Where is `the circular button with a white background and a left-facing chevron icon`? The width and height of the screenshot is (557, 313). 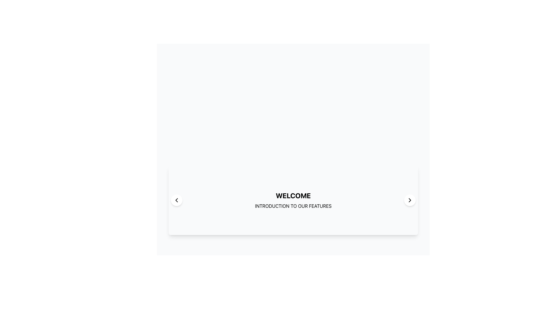
the circular button with a white background and a left-facing chevron icon is located at coordinates (176, 200).